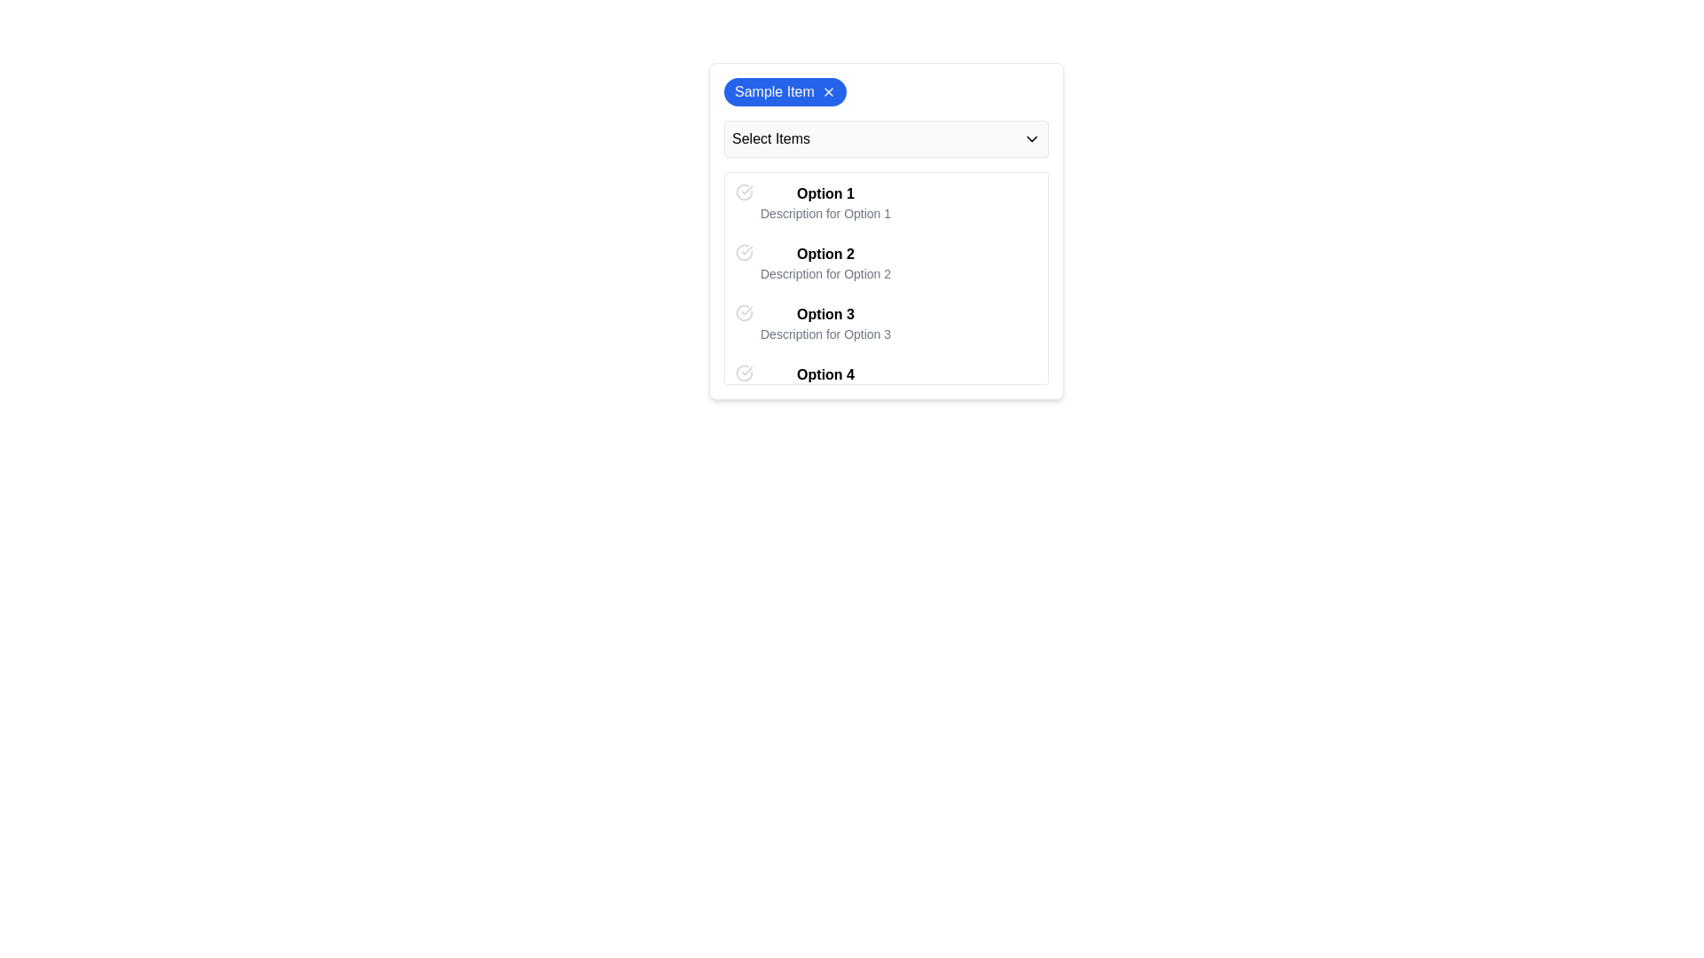  I want to click on the list item displaying 'Option 2', so click(886, 231).